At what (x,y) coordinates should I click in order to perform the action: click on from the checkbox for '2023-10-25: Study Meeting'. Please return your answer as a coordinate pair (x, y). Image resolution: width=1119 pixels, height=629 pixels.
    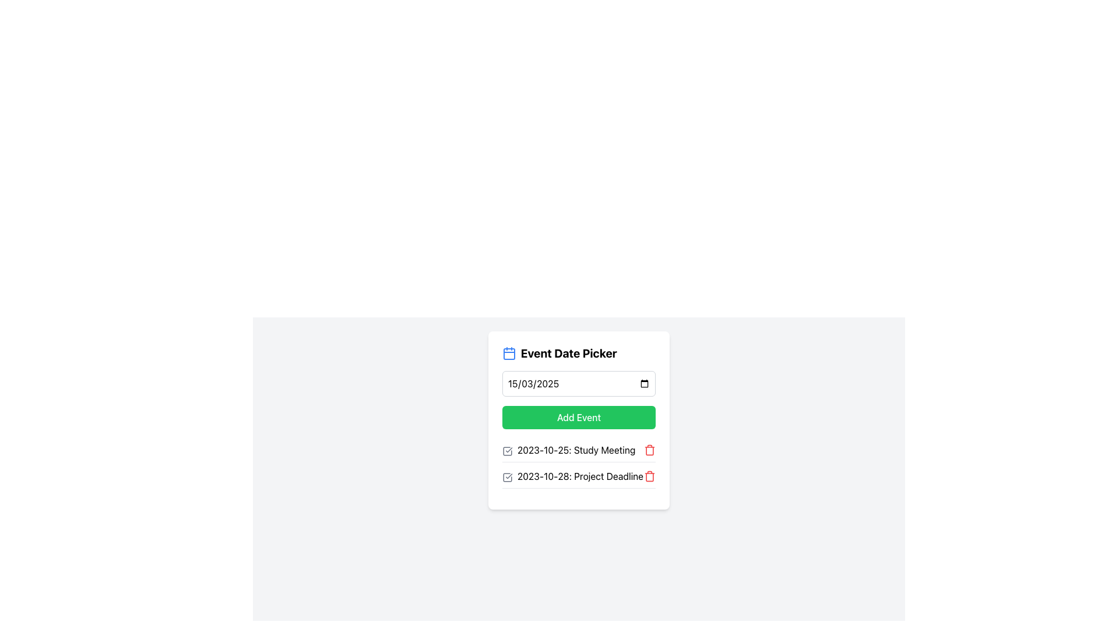
    Looking at the image, I should click on (507, 450).